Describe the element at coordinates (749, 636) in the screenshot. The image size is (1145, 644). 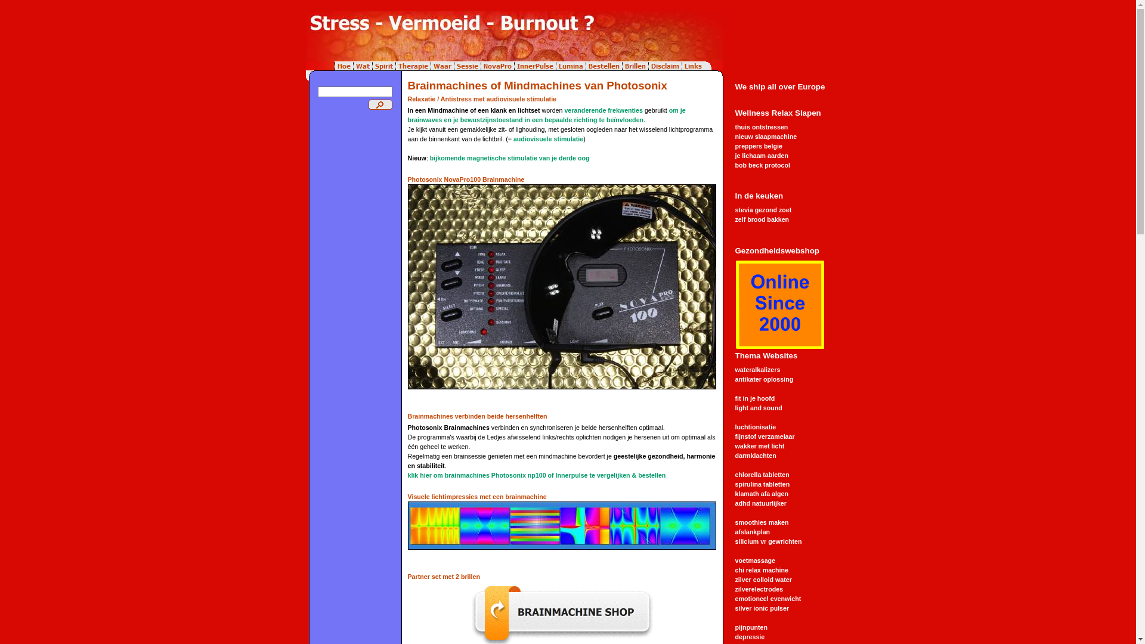
I see `'depressie'` at that location.